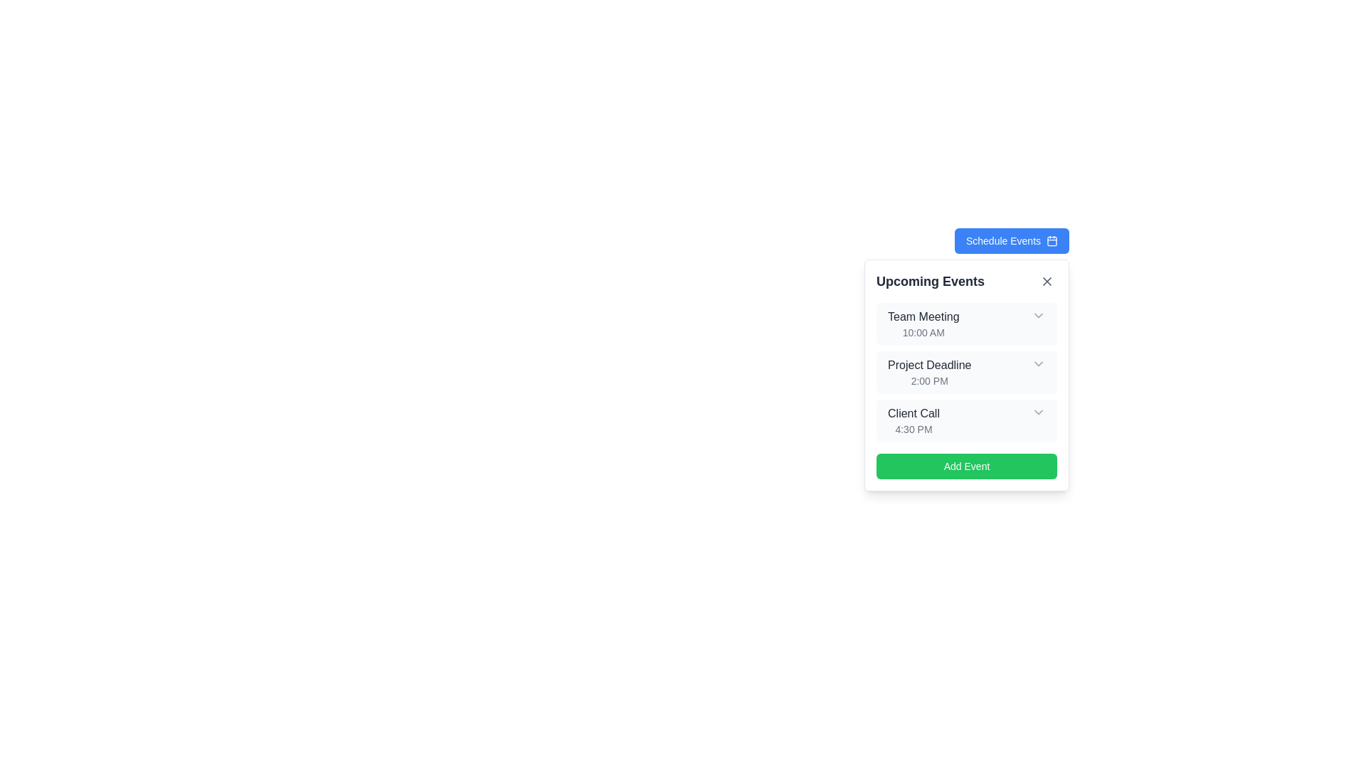 The image size is (1366, 768). What do you see at coordinates (914, 420) in the screenshot?
I see `on the 'Client Call' textual display unit, which consists of bold gray text reading 'Client Call' and smaller gray text reading '4:30 PM', located in the 'Upcoming Events' section` at bounding box center [914, 420].